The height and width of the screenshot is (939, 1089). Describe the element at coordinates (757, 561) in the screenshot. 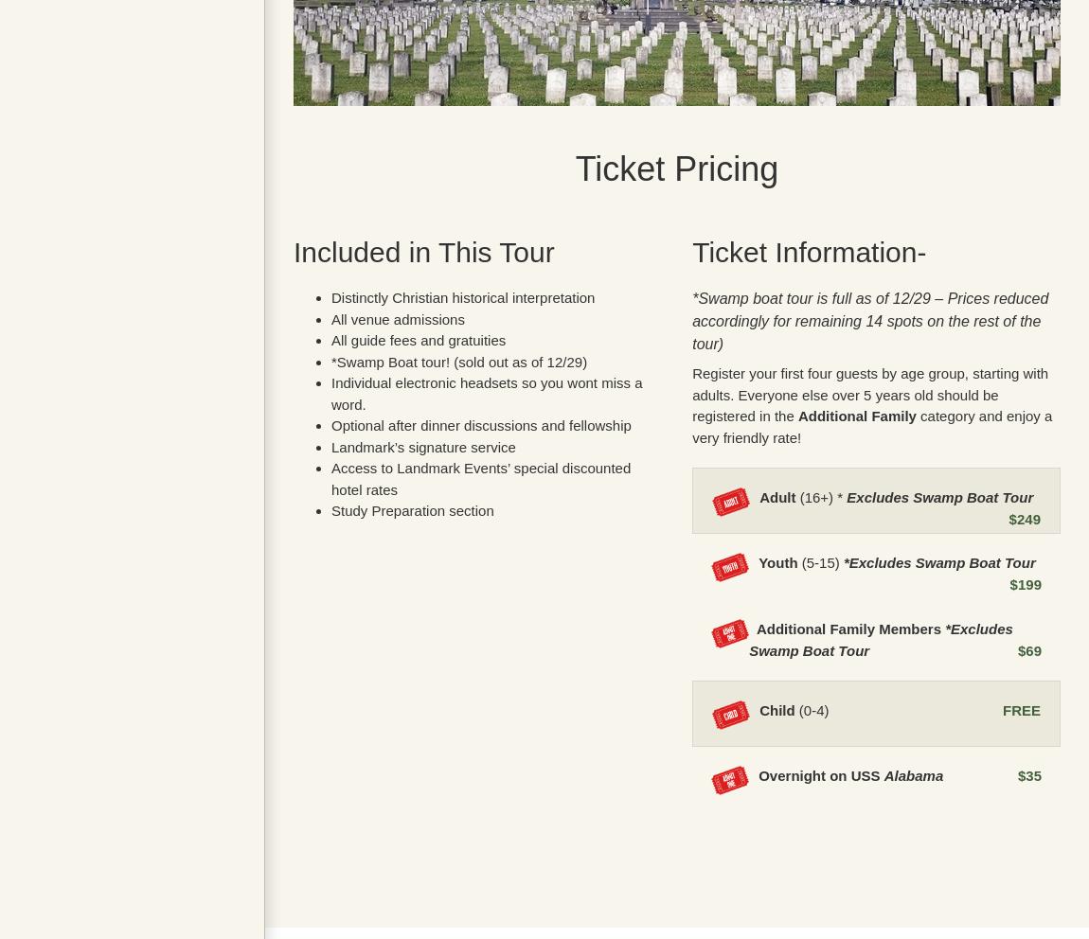

I see `'Youth'` at that location.